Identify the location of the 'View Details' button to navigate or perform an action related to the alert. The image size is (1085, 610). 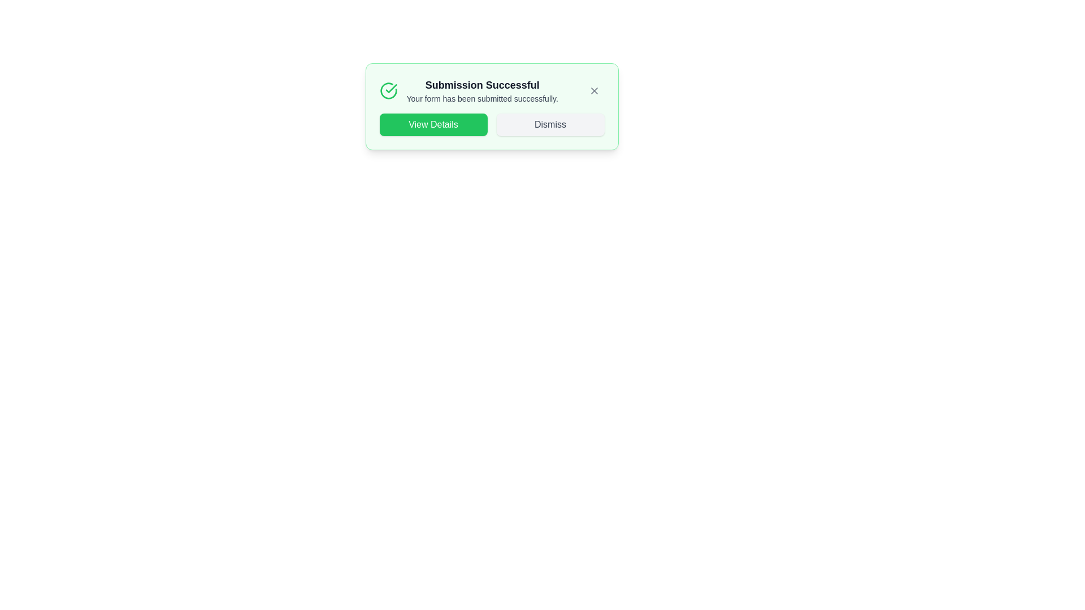
(433, 124).